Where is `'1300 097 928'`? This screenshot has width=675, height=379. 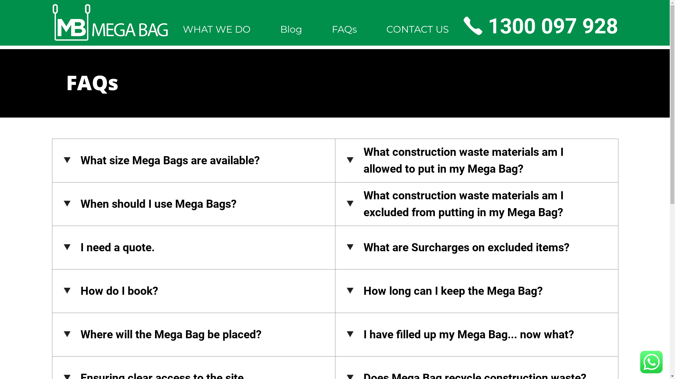 '1300 097 928' is located at coordinates (540, 26).